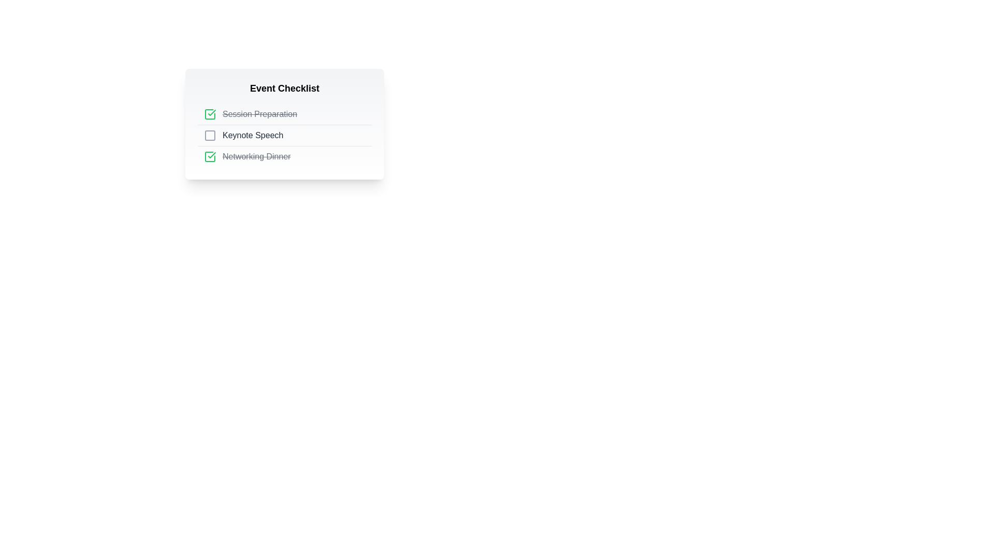 This screenshot has height=559, width=994. What do you see at coordinates (253, 135) in the screenshot?
I see `the 'Keynote Speech' text label, which is the second item in the 'Event Checklist' section, located between 'Session Preparation' and 'Networking Dinner'` at bounding box center [253, 135].